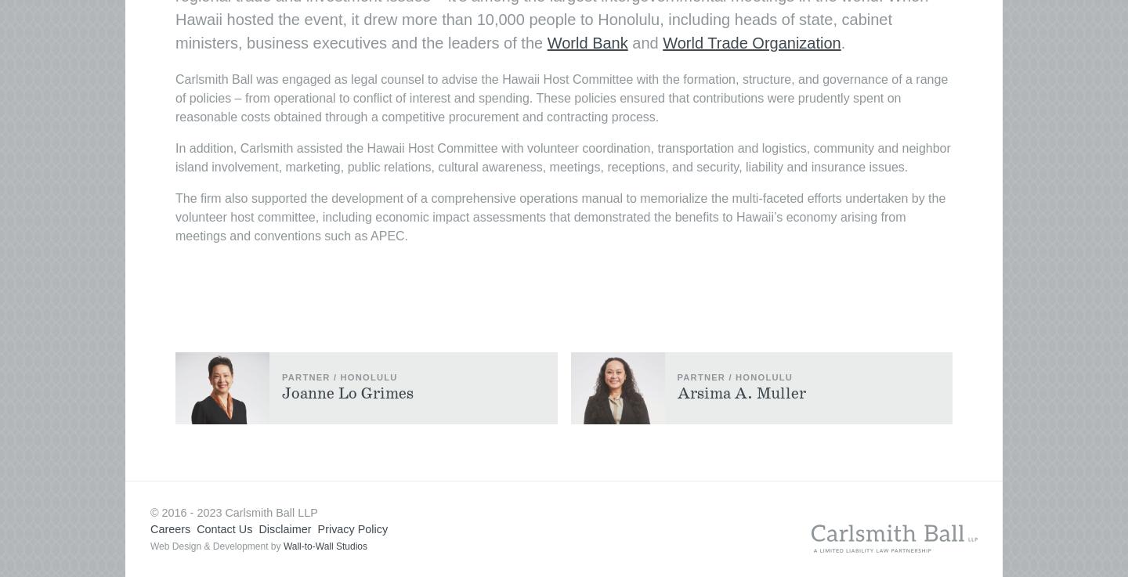 The height and width of the screenshot is (577, 1128). What do you see at coordinates (751, 42) in the screenshot?
I see `'World Trade Organization'` at bounding box center [751, 42].